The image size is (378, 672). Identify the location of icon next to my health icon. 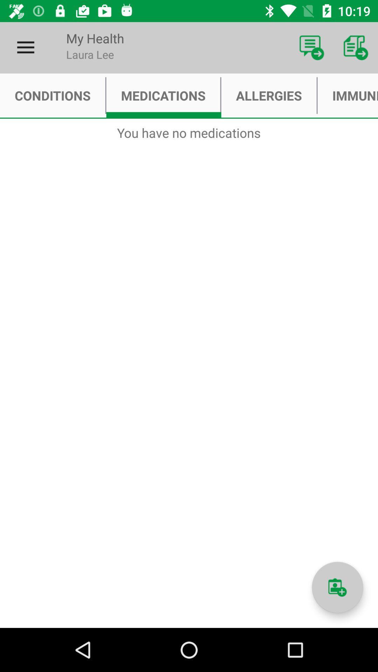
(25, 47).